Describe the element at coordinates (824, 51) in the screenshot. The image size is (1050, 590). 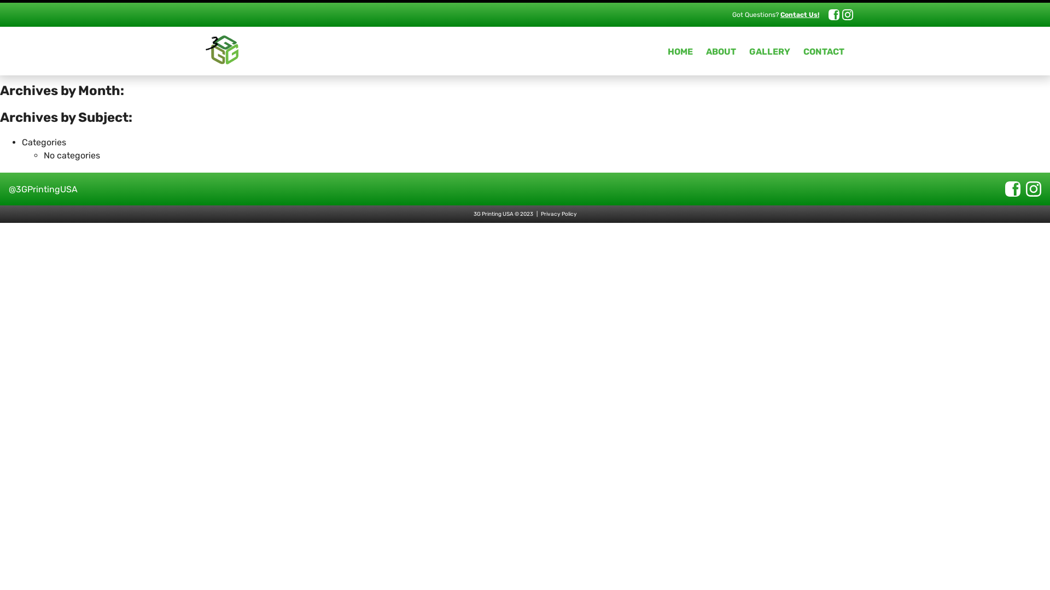
I see `'CONTACT'` at that location.